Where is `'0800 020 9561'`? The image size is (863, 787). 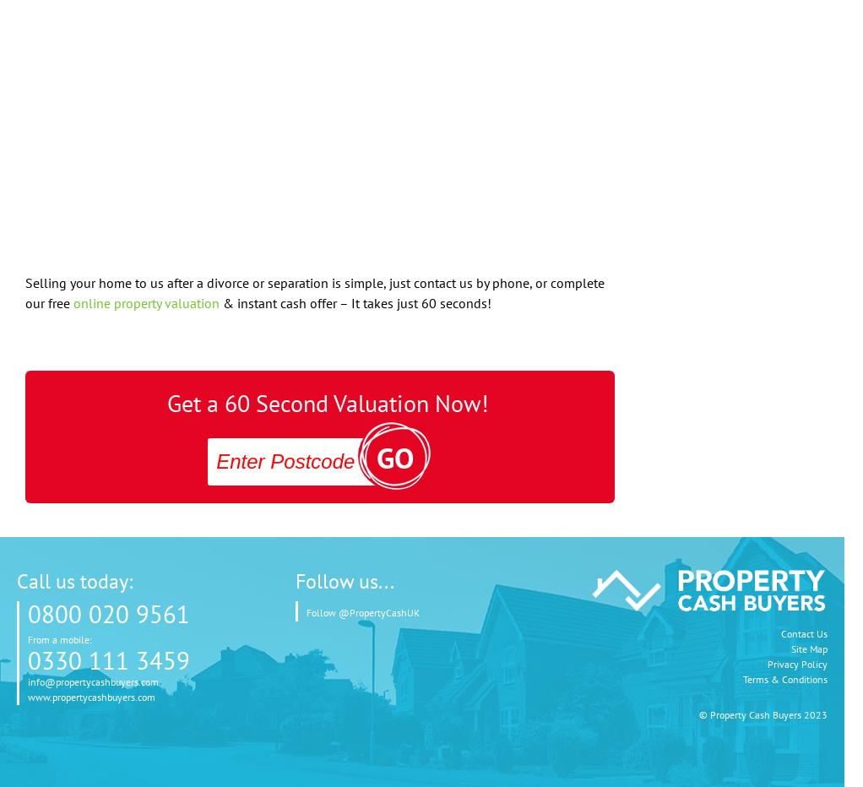 '0800 020 9561' is located at coordinates (108, 612).